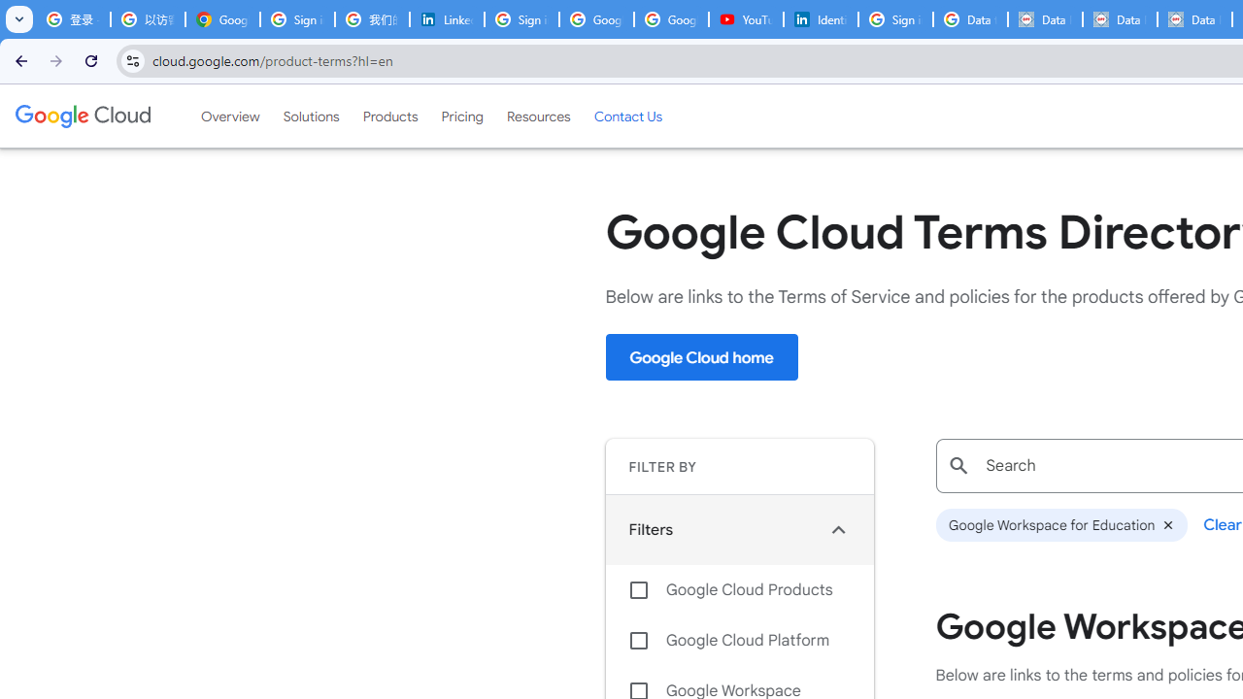 The height and width of the screenshot is (699, 1243). What do you see at coordinates (738, 529) in the screenshot?
I see `'Filters keyboard_arrow_up'` at bounding box center [738, 529].